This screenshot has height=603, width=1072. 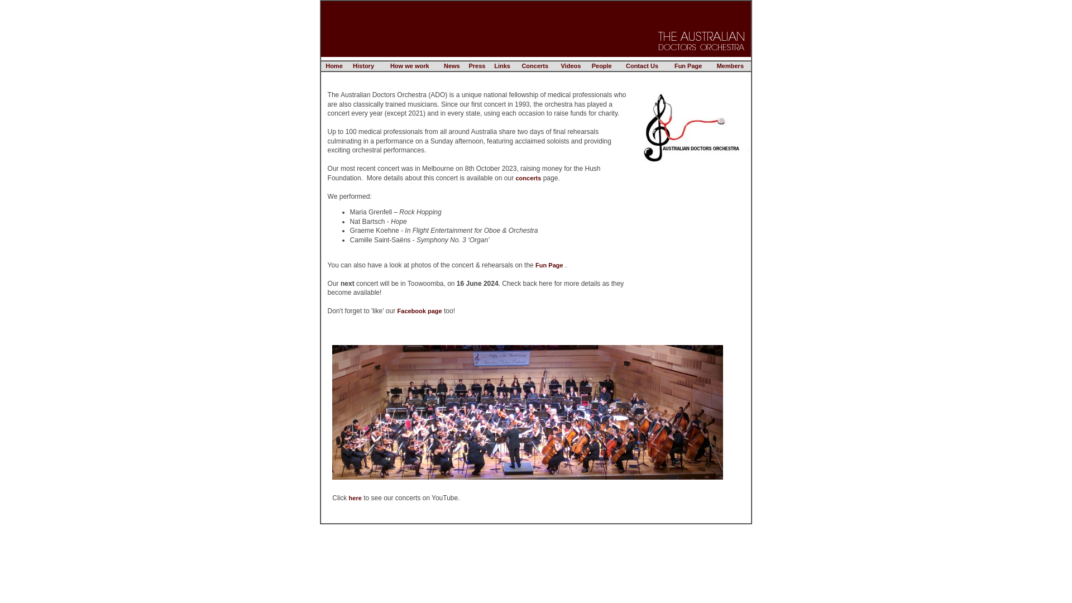 What do you see at coordinates (419, 310) in the screenshot?
I see `'Facebook page'` at bounding box center [419, 310].